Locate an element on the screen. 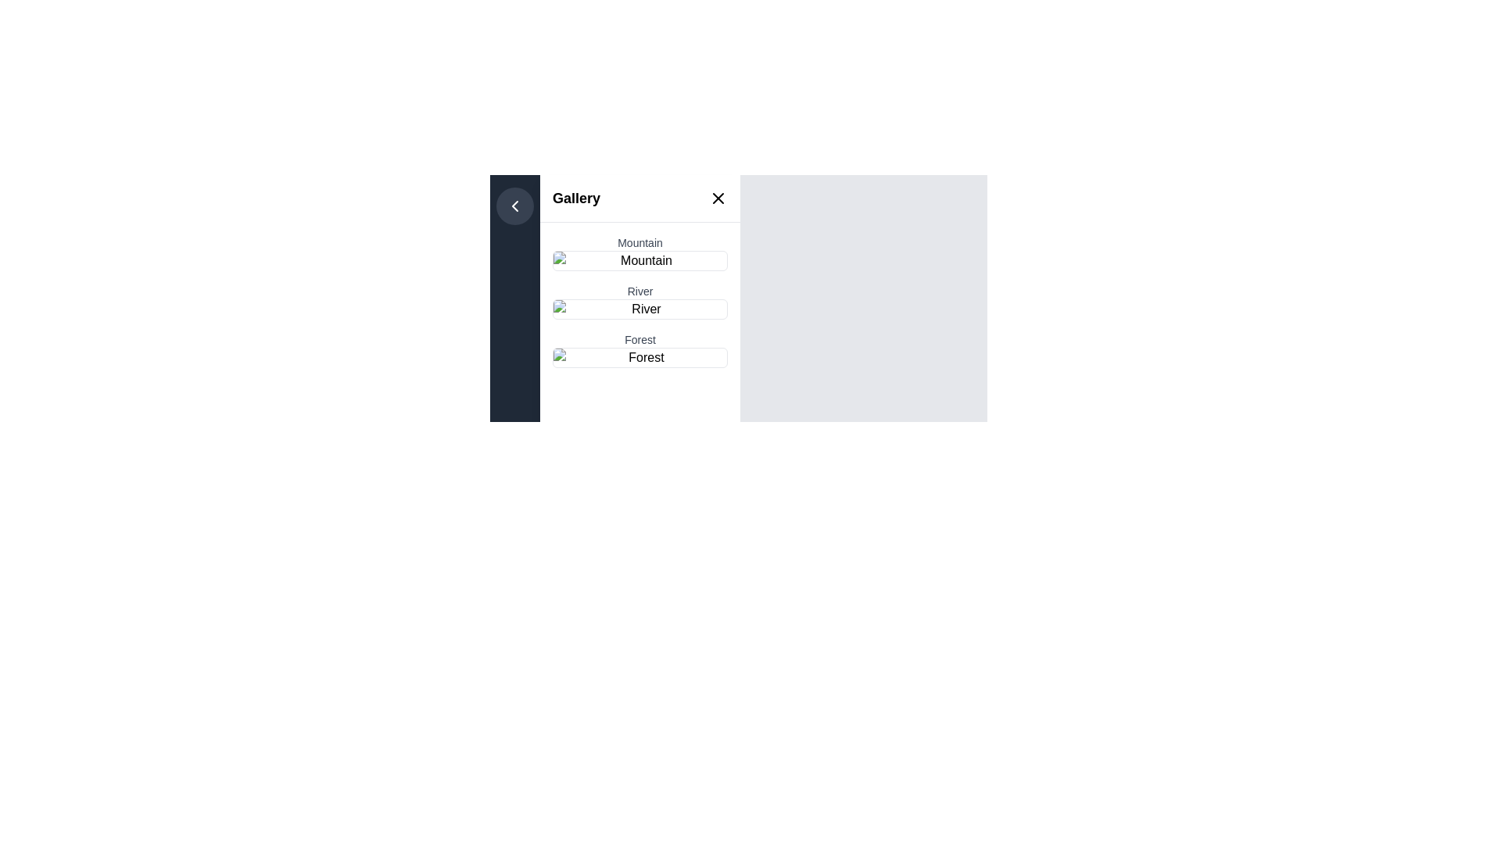 Image resolution: width=1501 pixels, height=844 pixels. the list item labeled 'River', which is the second item in the vertical gallery panel is located at coordinates (640, 309).